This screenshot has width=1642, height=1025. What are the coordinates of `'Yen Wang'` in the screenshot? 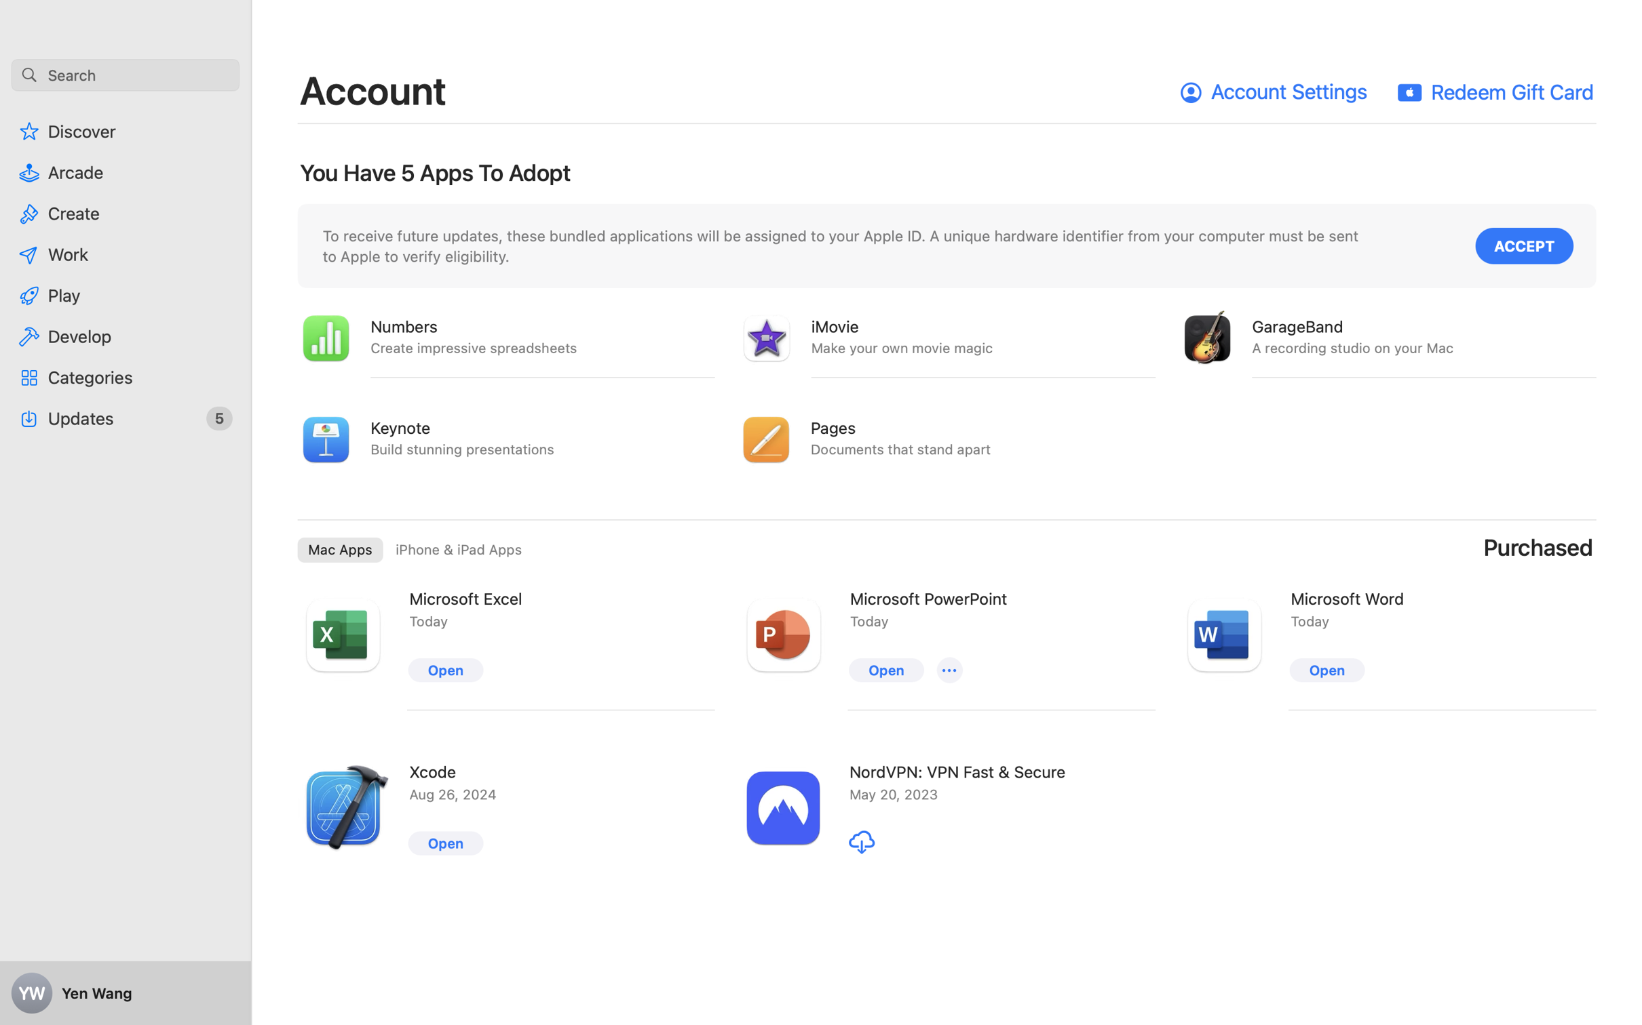 It's located at (126, 993).